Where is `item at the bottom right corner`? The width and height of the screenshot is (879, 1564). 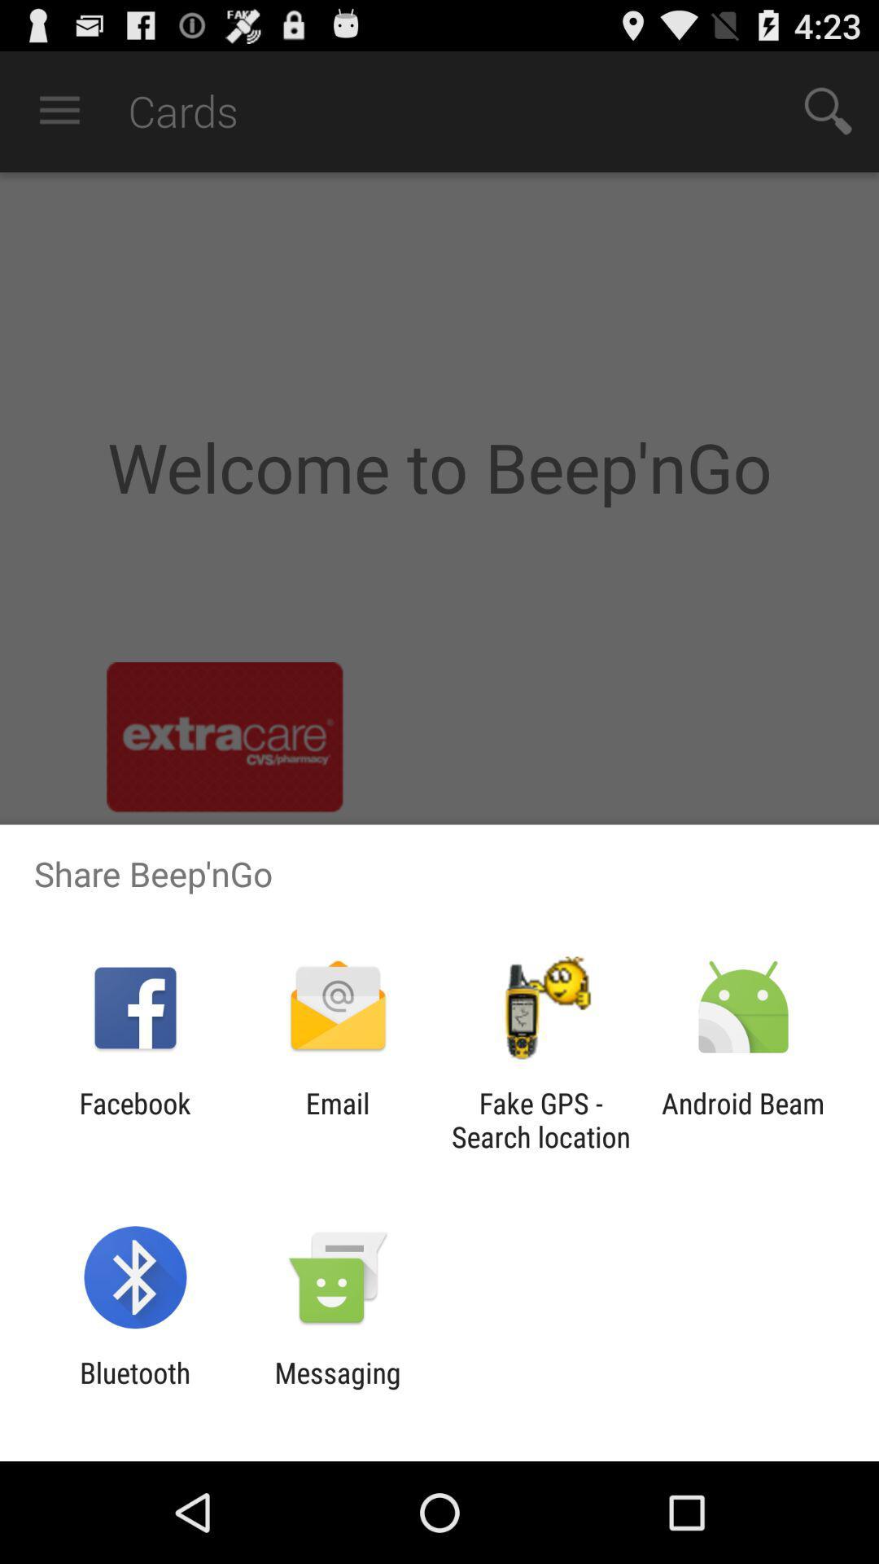 item at the bottom right corner is located at coordinates (743, 1119).